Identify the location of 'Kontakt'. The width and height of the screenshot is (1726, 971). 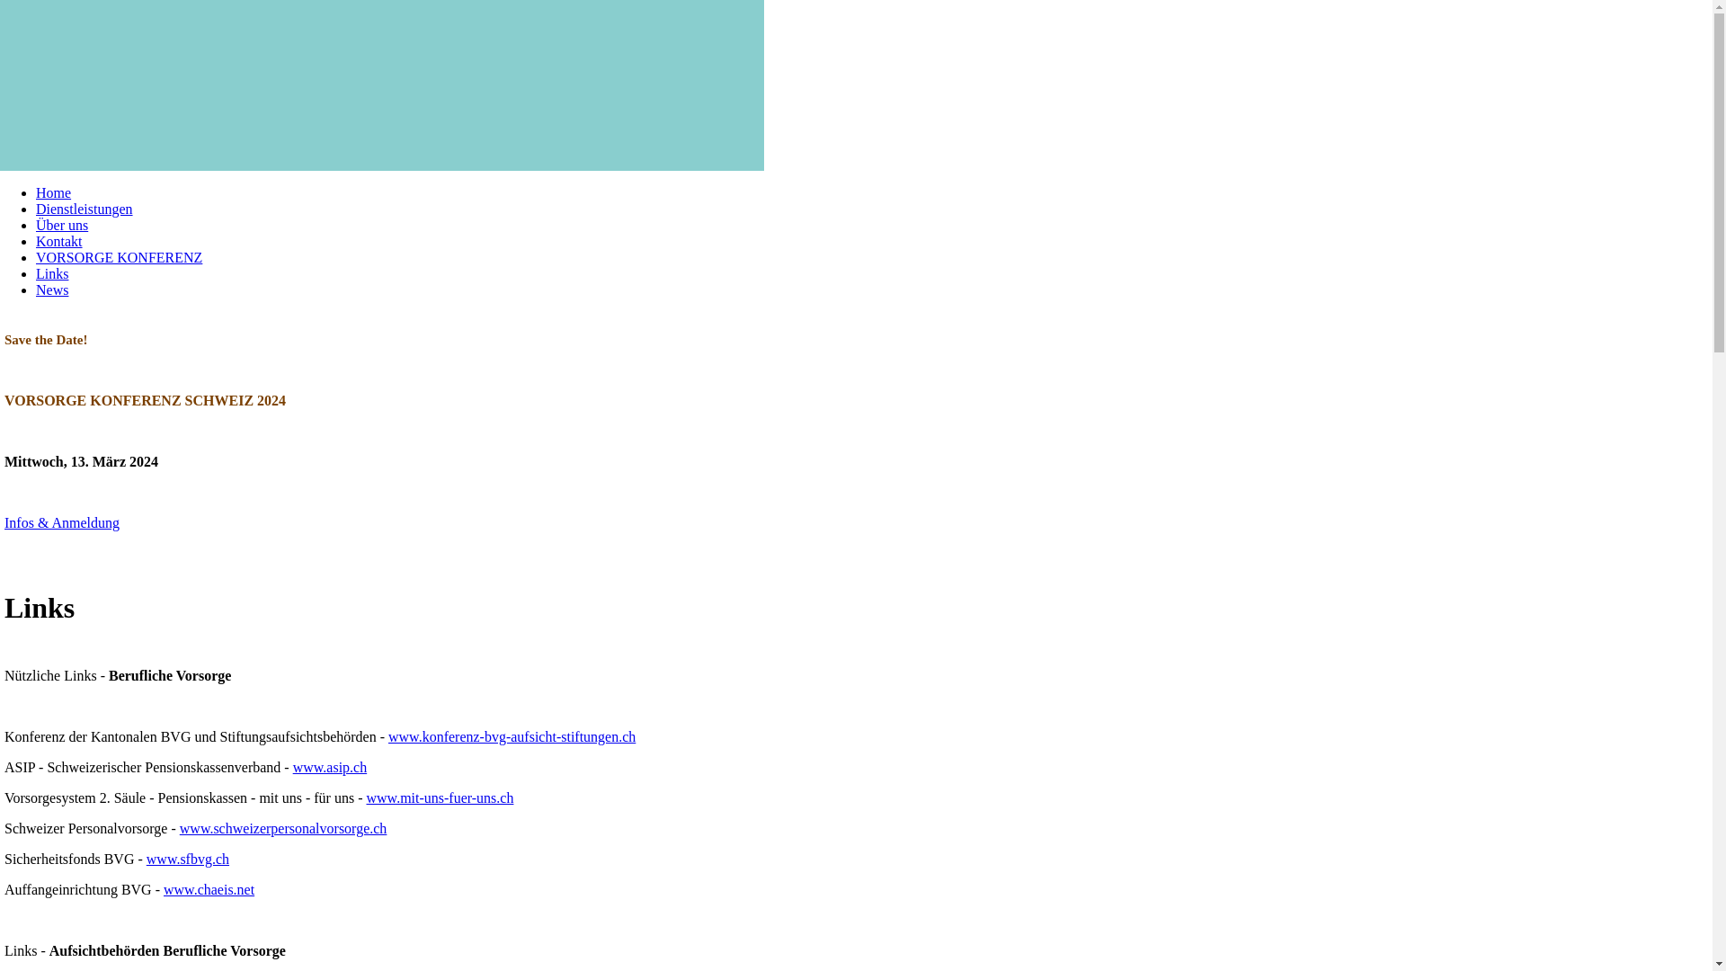
(59, 240).